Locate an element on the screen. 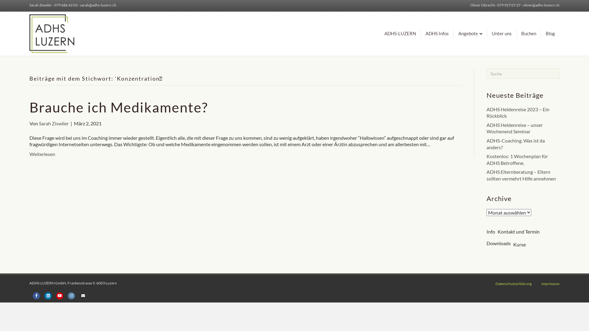  'Youtube' is located at coordinates (60, 295).